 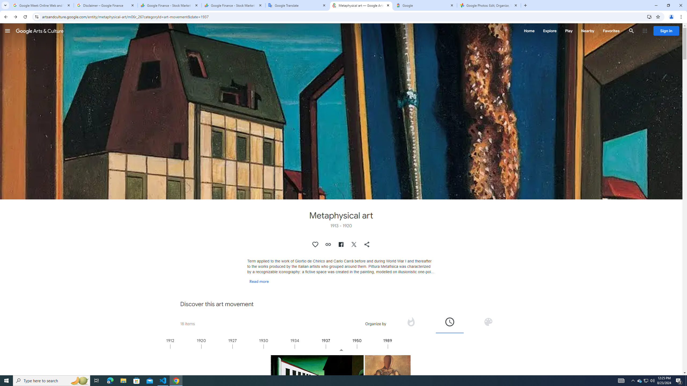 What do you see at coordinates (248, 346) in the screenshot?
I see `'1927'` at bounding box center [248, 346].